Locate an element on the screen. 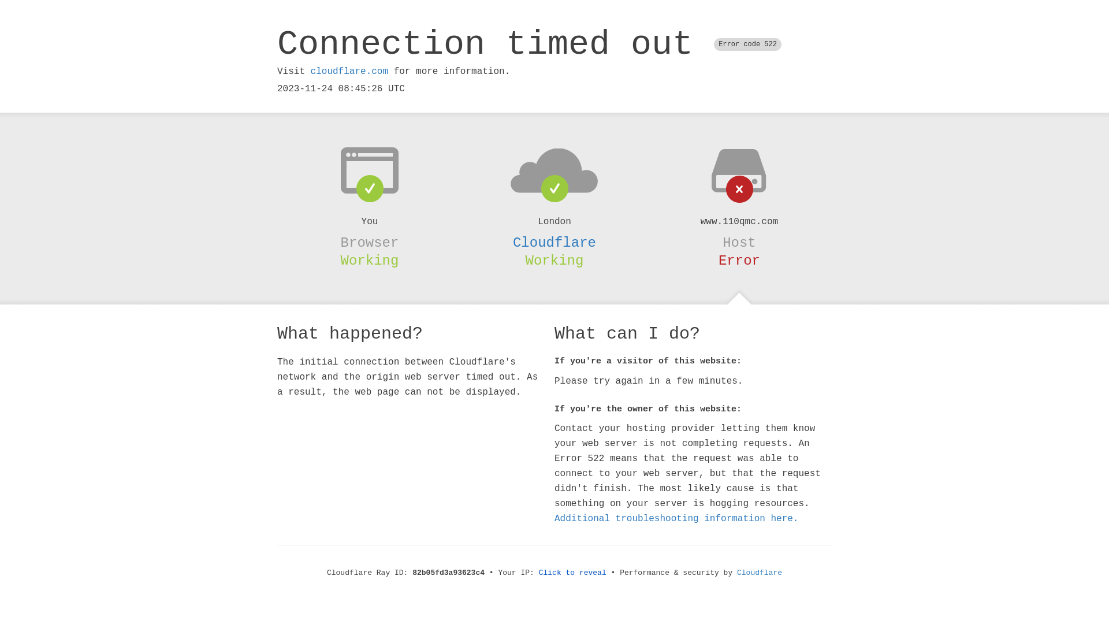 The height and width of the screenshot is (624, 1109). 'Cloudflare' is located at coordinates (512, 242).